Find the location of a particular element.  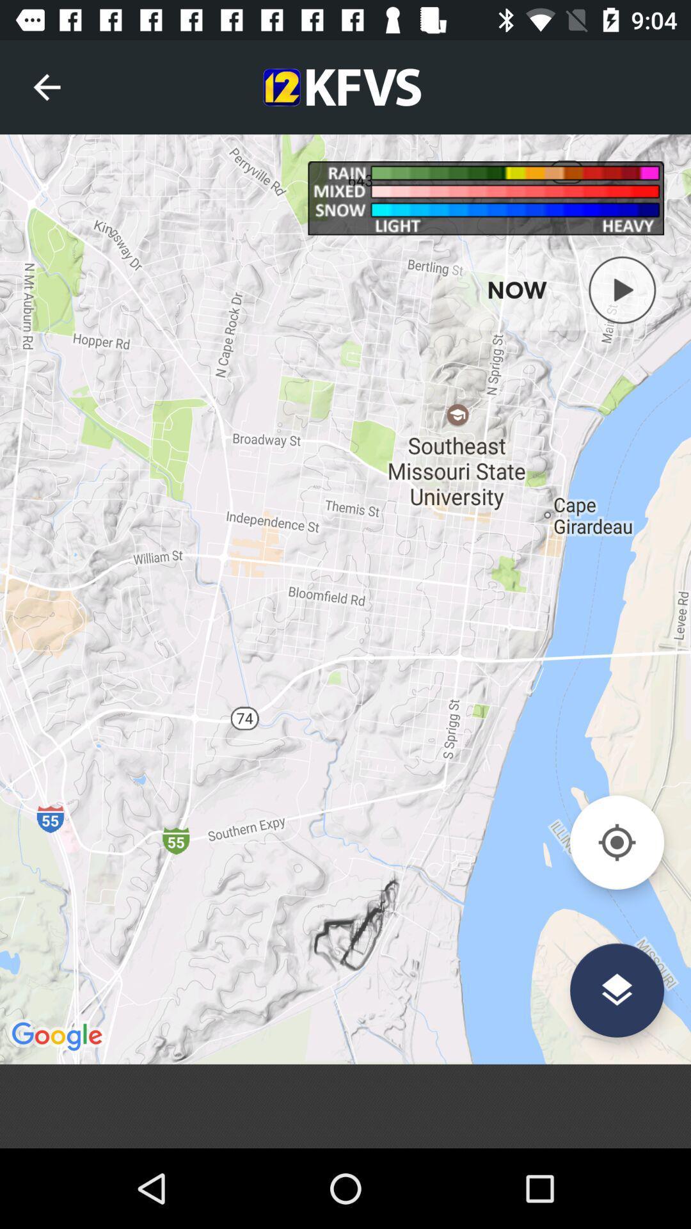

location button is located at coordinates (616, 842).